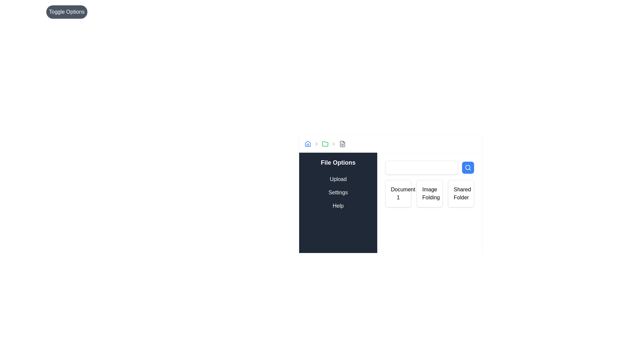 The height and width of the screenshot is (360, 641). What do you see at coordinates (429, 194) in the screenshot?
I see `the 'Image Folding' button, which is the middle option in a horizontal grid layout of three items: 'Document 1', 'Image Folding', and 'Shared Folder'` at bounding box center [429, 194].